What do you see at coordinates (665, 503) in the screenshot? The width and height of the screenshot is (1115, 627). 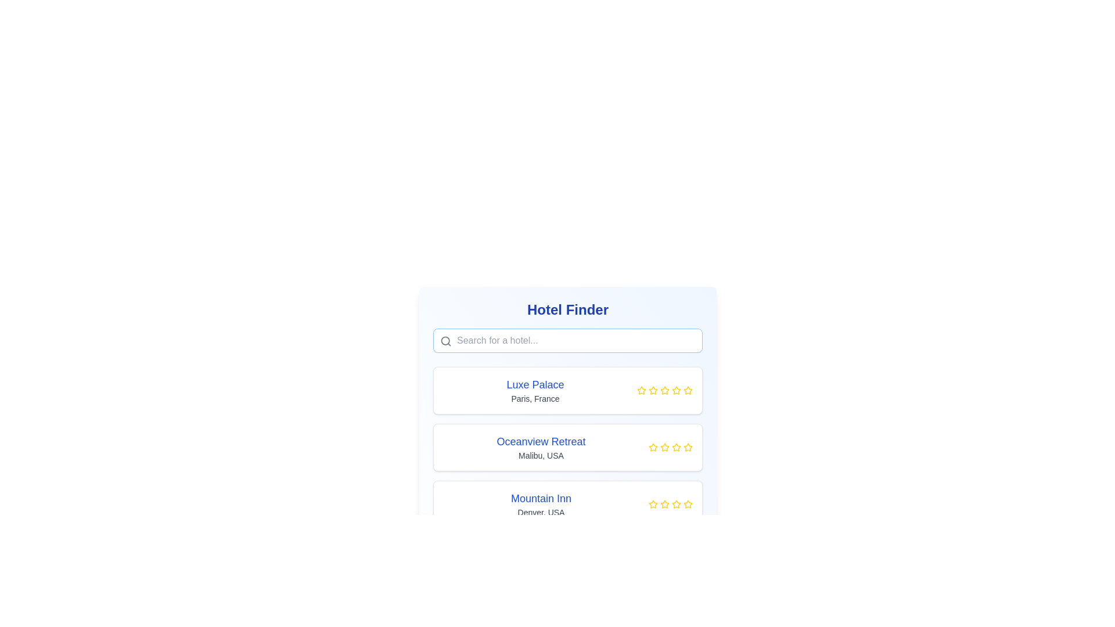 I see `the yellow star icon, which is the third icon` at bounding box center [665, 503].